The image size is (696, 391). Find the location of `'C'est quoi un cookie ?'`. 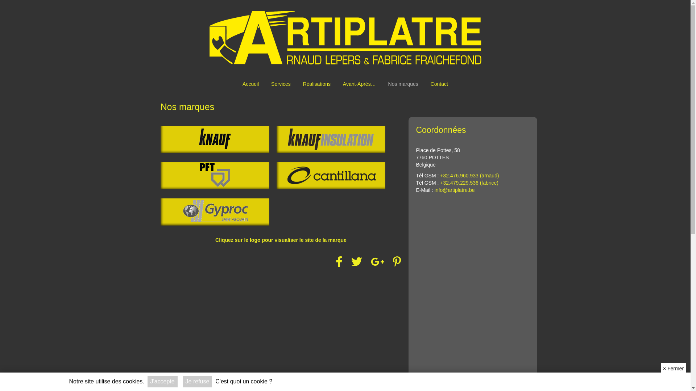

'C'est quoi un cookie ?' is located at coordinates (244, 381).